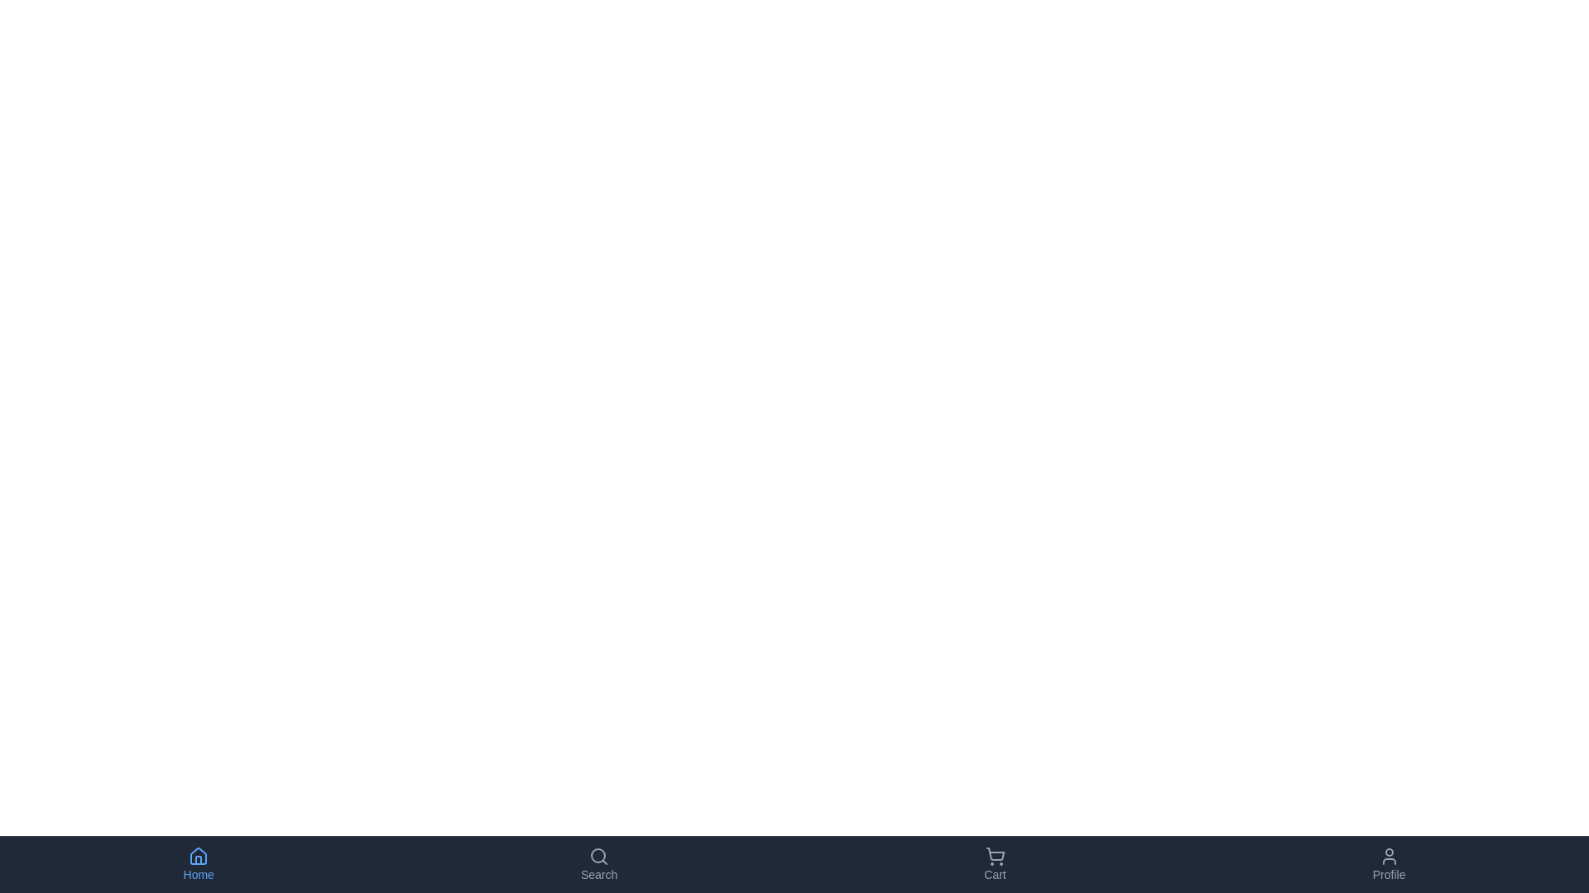 This screenshot has height=893, width=1589. Describe the element at coordinates (199, 859) in the screenshot. I see `the door graphical element within the house icon located at the bottom navigation bar, which symbolizes the 'Home' section of the application` at that location.